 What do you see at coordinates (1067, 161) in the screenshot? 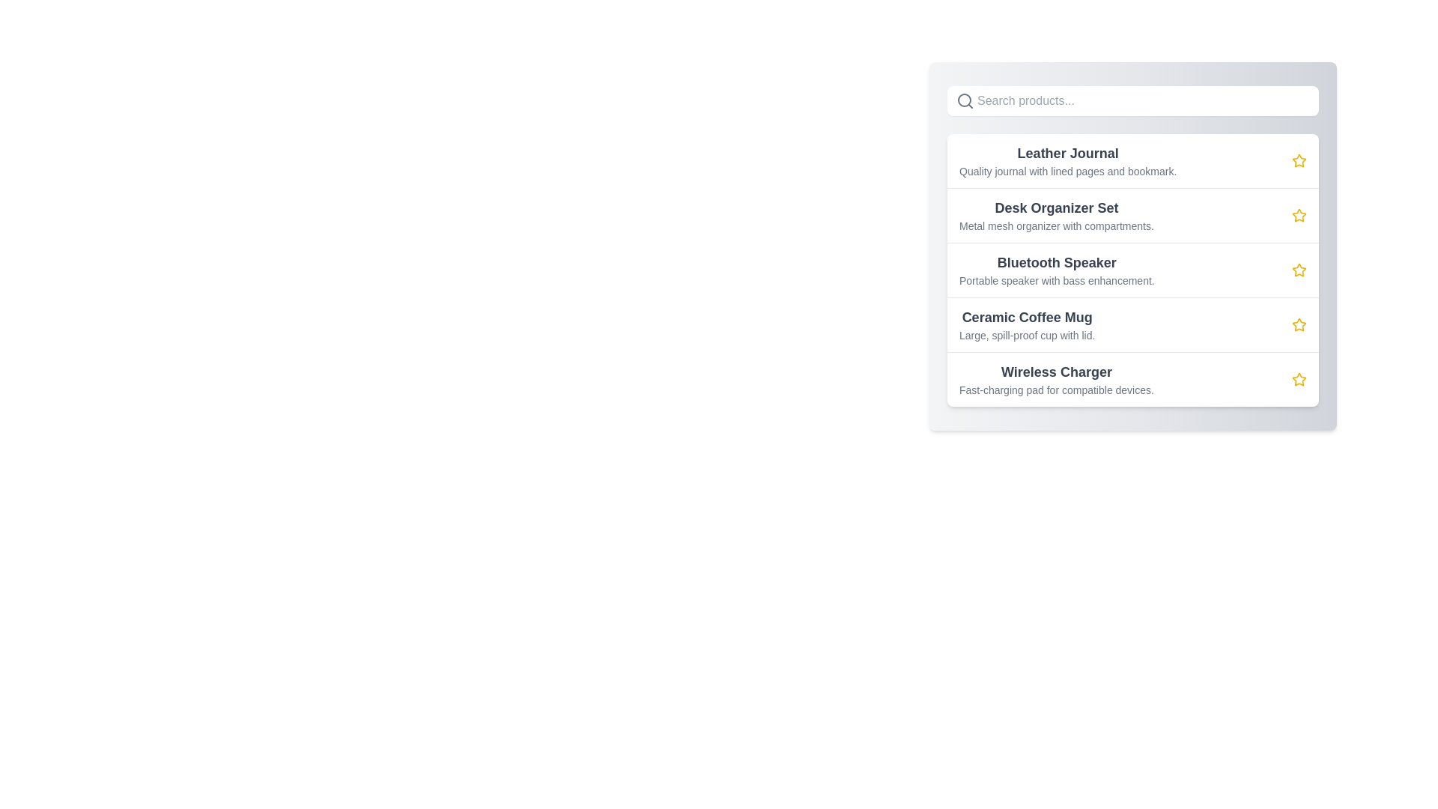
I see `the informational block describing the product 'Leather Journal', which is the first entry in the list of items in the vertical menu` at bounding box center [1067, 161].